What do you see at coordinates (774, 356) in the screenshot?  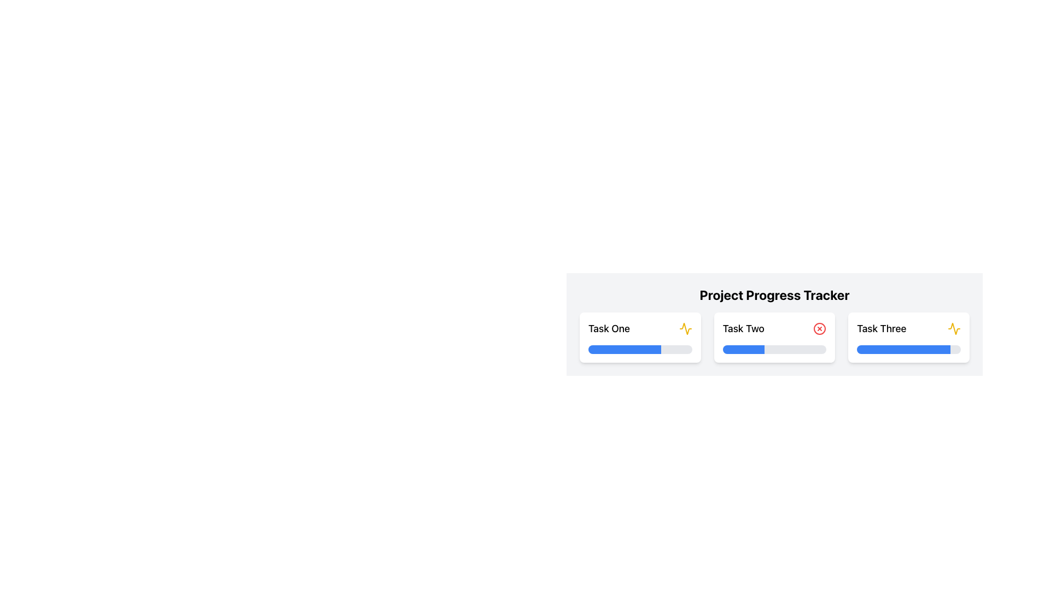 I see `the progress visually in the Progress Tracker Section, specifically focusing on the second section labeled 'Task Two'` at bounding box center [774, 356].